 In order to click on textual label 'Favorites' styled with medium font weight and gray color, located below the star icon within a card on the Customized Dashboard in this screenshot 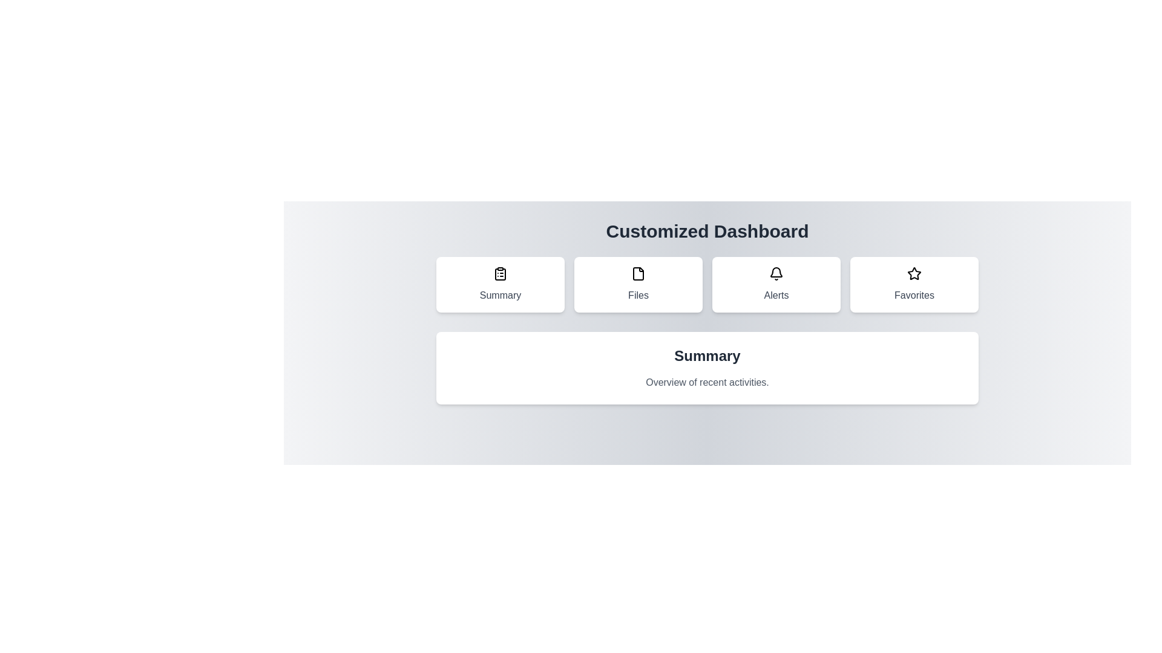, I will do `click(914, 296)`.